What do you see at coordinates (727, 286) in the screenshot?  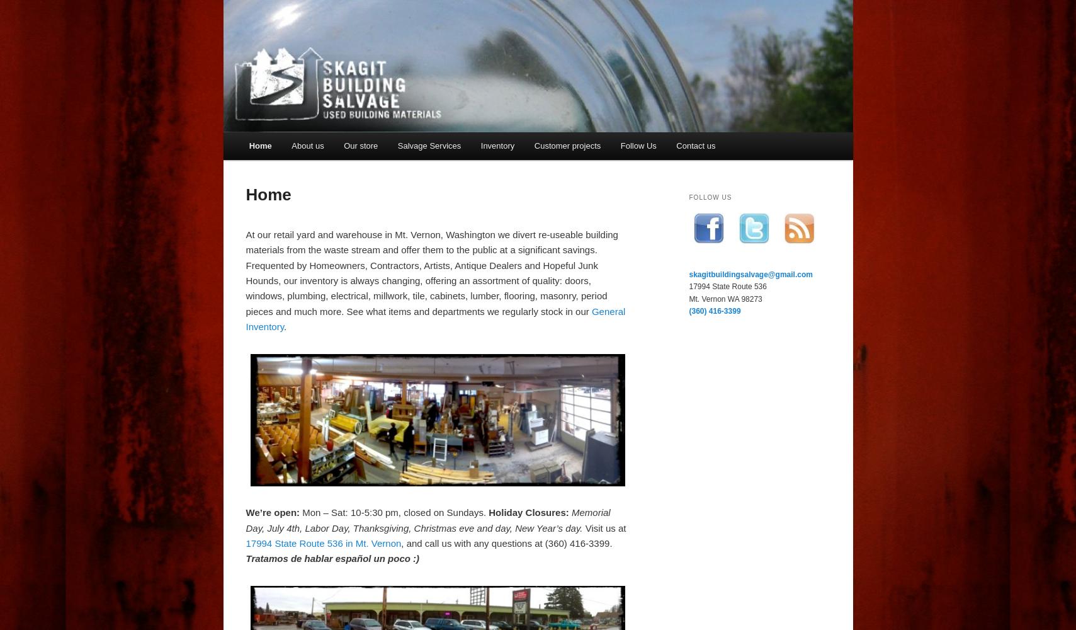 I see `'17994 State Route 536'` at bounding box center [727, 286].